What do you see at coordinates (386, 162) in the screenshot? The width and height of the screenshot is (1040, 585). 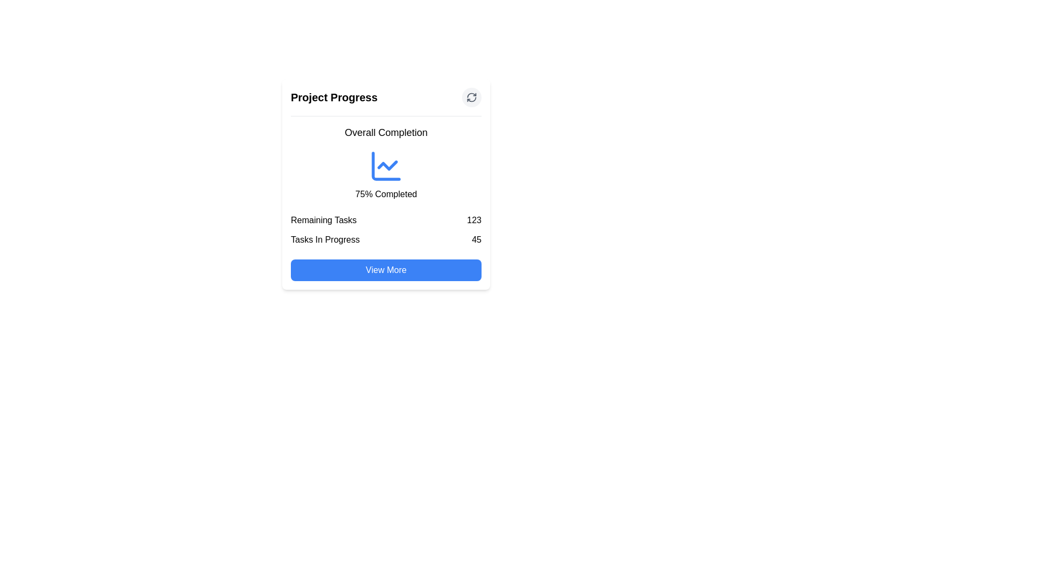 I see `the Information Display Section that shows 'Overall Completion' and '75% Completed' text, located centrally in the project progress card` at bounding box center [386, 162].